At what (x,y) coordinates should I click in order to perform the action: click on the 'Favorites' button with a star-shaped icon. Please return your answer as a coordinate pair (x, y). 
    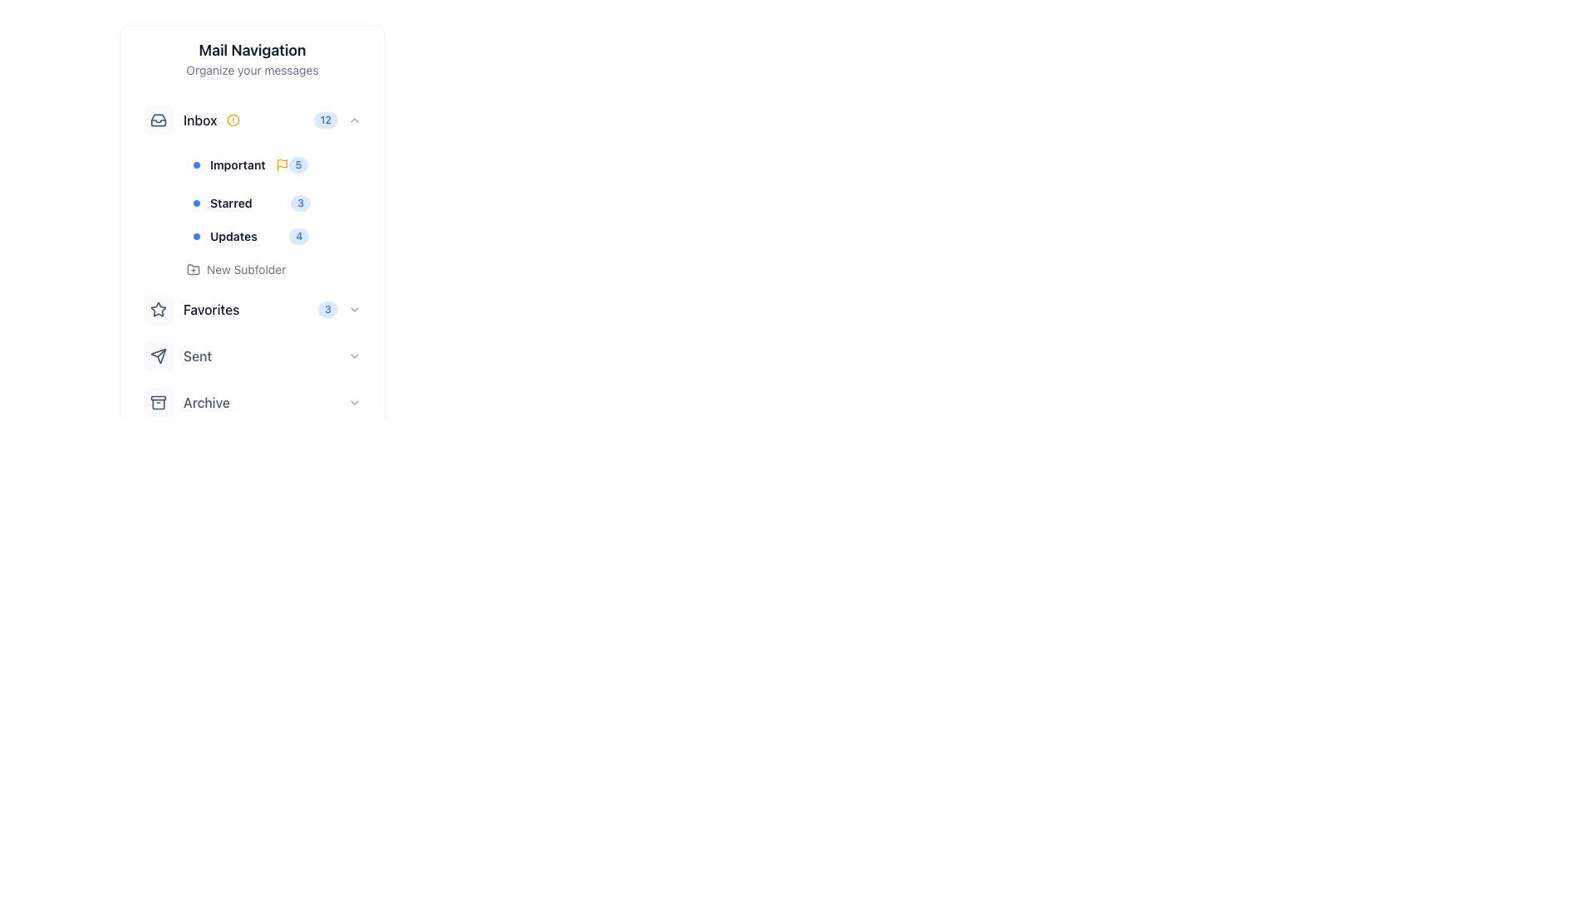
    Looking at the image, I should click on (191, 310).